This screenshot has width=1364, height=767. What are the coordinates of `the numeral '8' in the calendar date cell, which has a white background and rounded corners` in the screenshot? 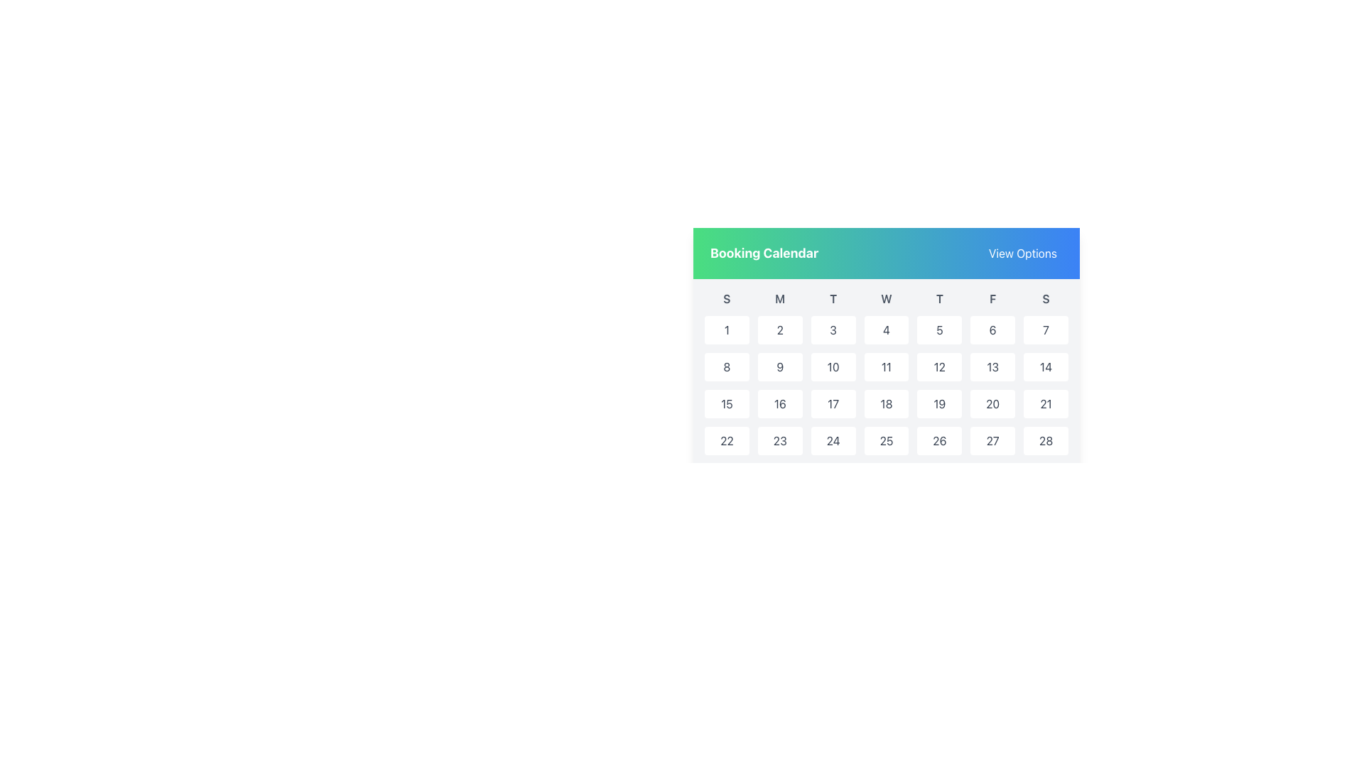 It's located at (727, 366).